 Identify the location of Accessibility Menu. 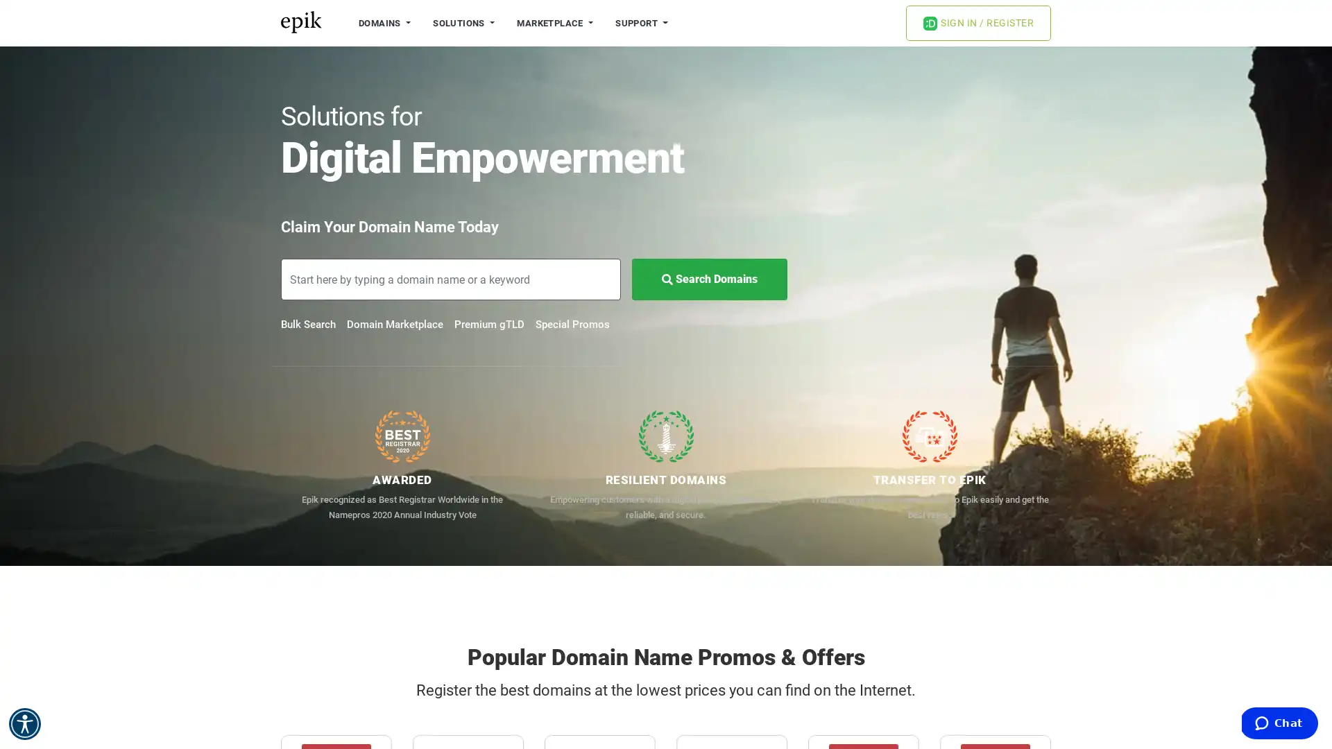
(24, 723).